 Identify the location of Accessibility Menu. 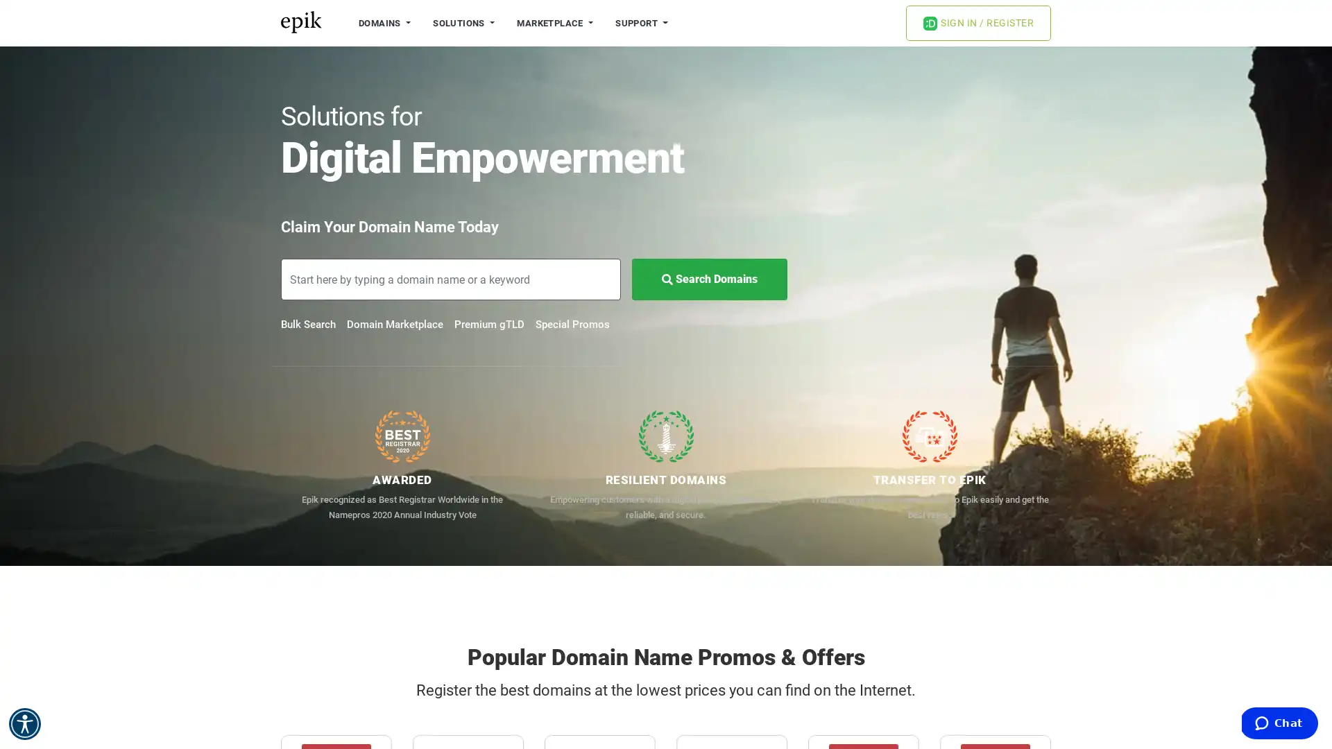
(24, 723).